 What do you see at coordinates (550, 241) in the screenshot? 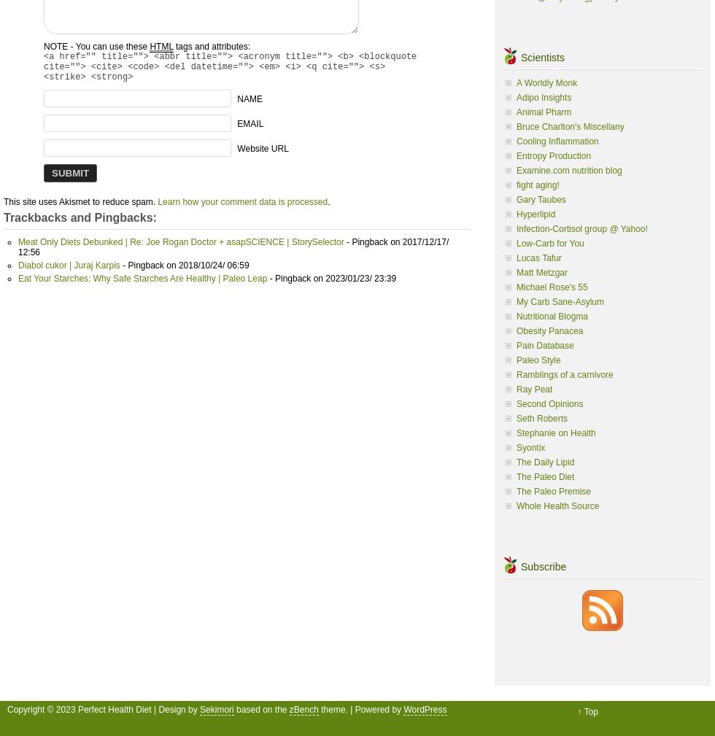
I see `'Low-Carb for You'` at bounding box center [550, 241].